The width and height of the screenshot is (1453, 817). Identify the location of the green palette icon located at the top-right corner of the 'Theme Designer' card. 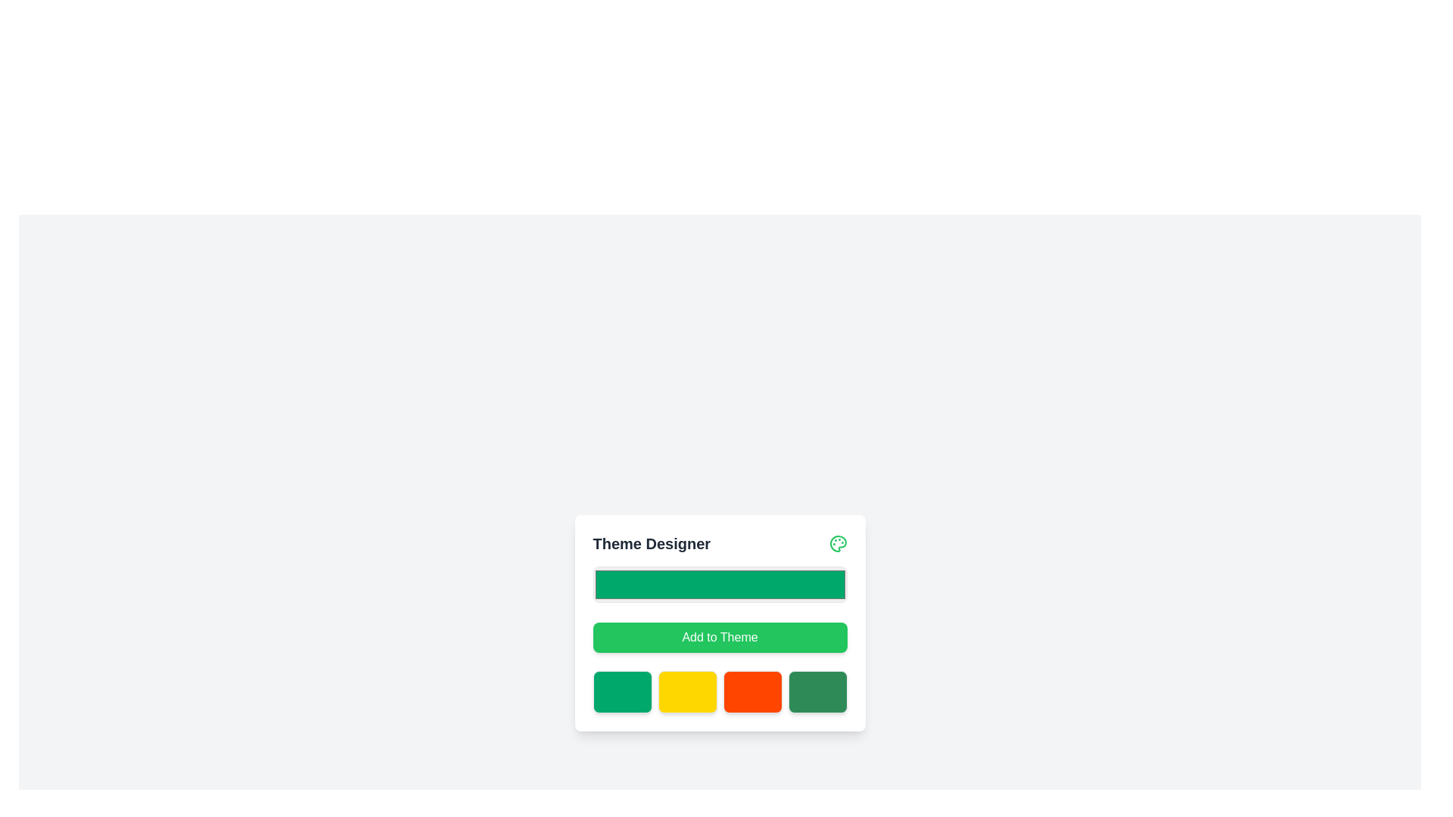
(837, 542).